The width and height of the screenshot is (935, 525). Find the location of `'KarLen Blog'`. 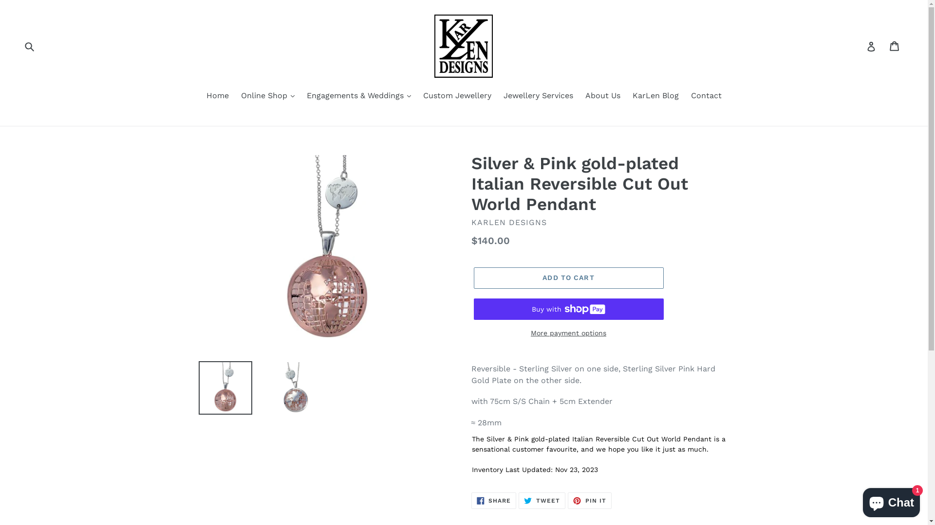

'KarLen Blog' is located at coordinates (655, 96).